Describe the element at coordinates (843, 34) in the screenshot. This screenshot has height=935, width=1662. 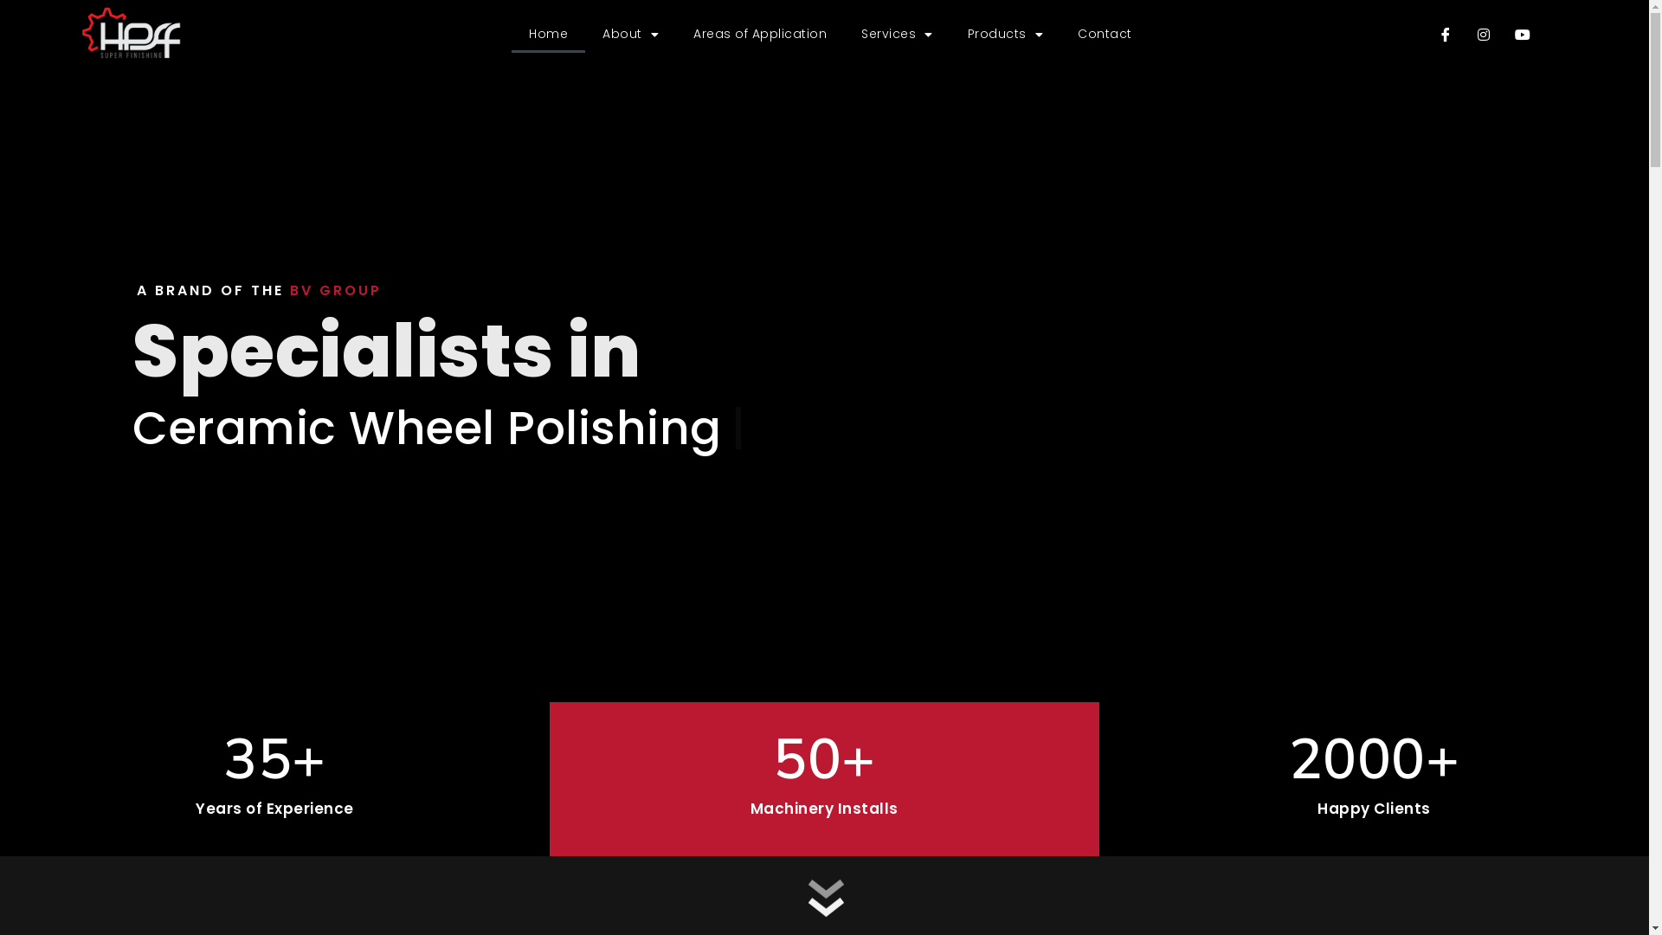
I see `'Services'` at that location.